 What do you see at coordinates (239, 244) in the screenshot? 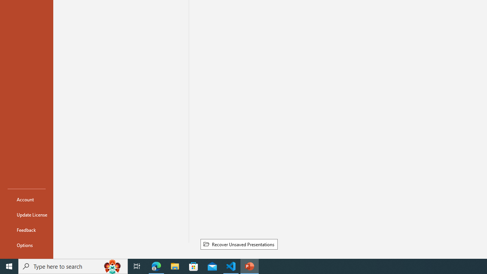
I see `'Recover Unsaved Presentations'` at bounding box center [239, 244].